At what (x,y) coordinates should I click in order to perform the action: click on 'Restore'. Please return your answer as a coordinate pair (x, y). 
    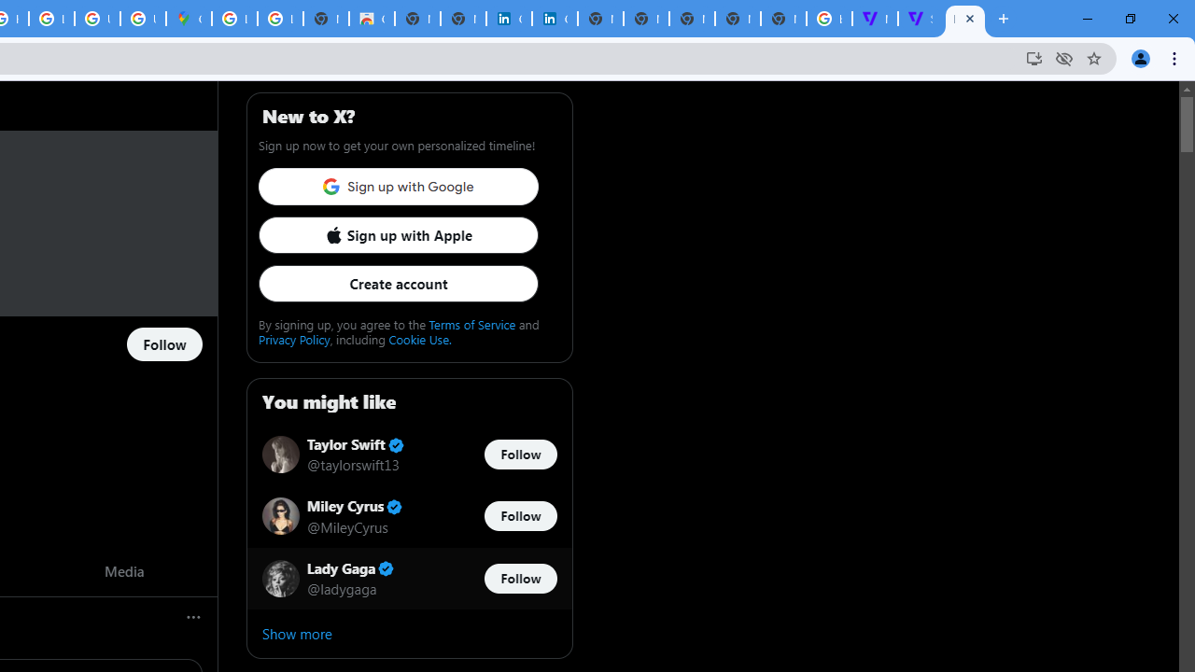
    Looking at the image, I should click on (1129, 19).